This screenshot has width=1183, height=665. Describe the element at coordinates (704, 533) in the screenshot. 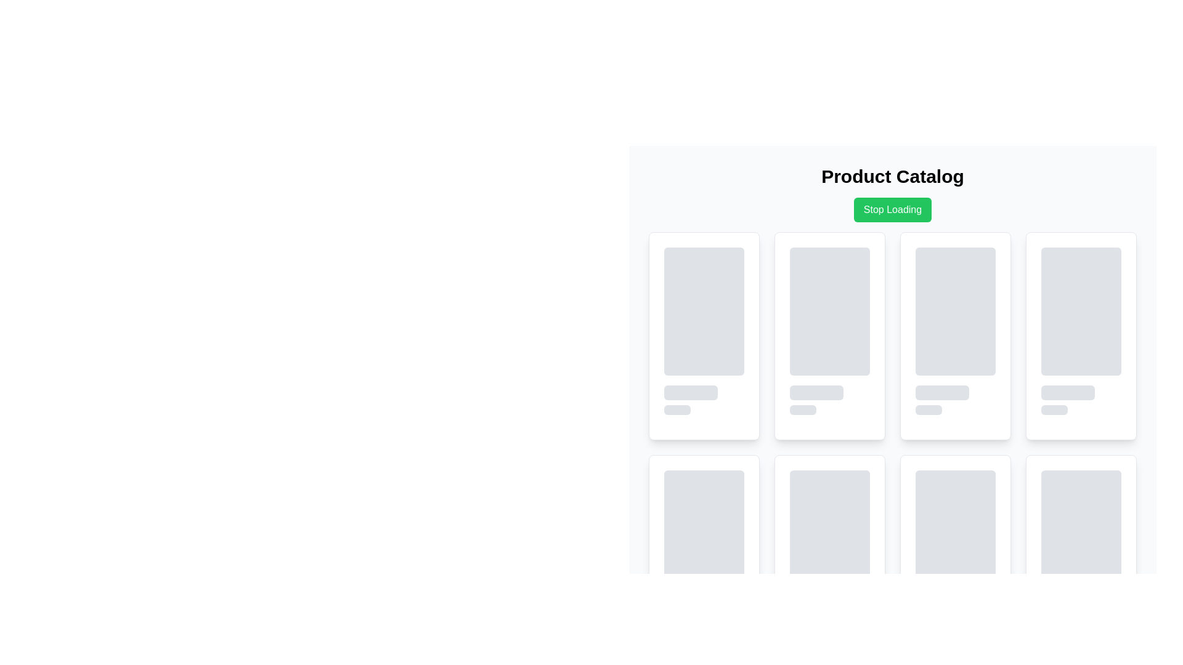

I see `the Skeleton Placeholder located in the second row and third column of the grid layout, which indicates a loading state for a content card` at that location.